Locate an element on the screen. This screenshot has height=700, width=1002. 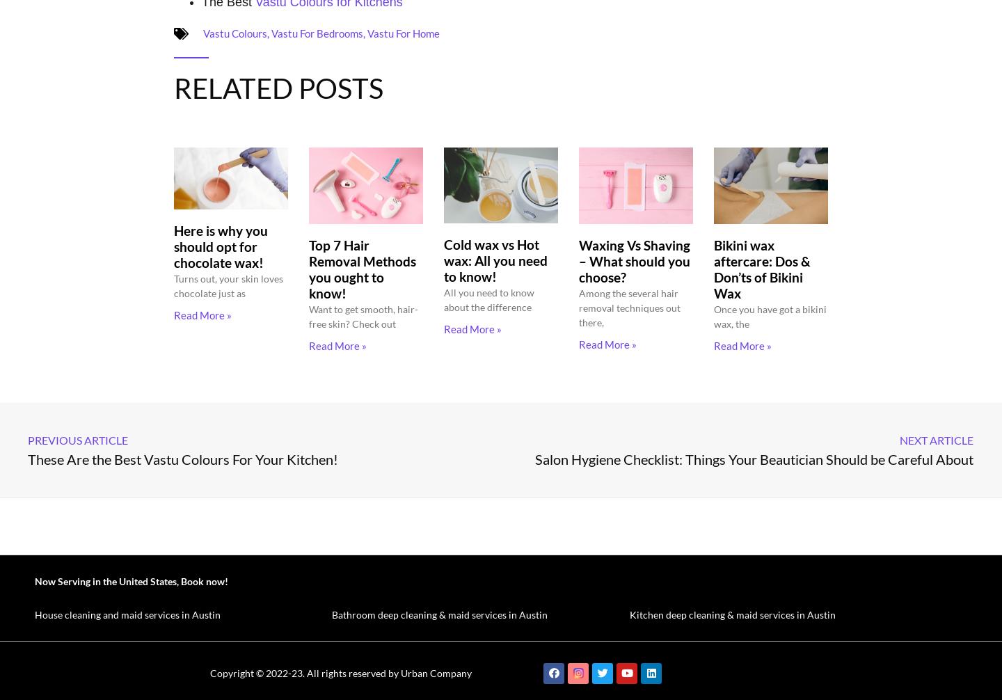
'Now Serving in the United States, Book now!' is located at coordinates (132, 580).